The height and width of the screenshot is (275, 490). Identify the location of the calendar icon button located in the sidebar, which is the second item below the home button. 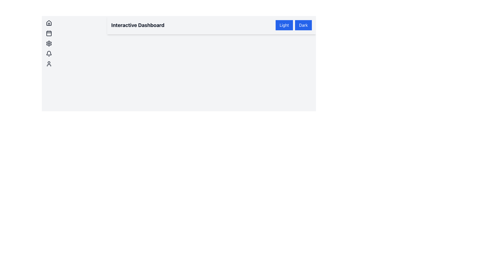
(49, 33).